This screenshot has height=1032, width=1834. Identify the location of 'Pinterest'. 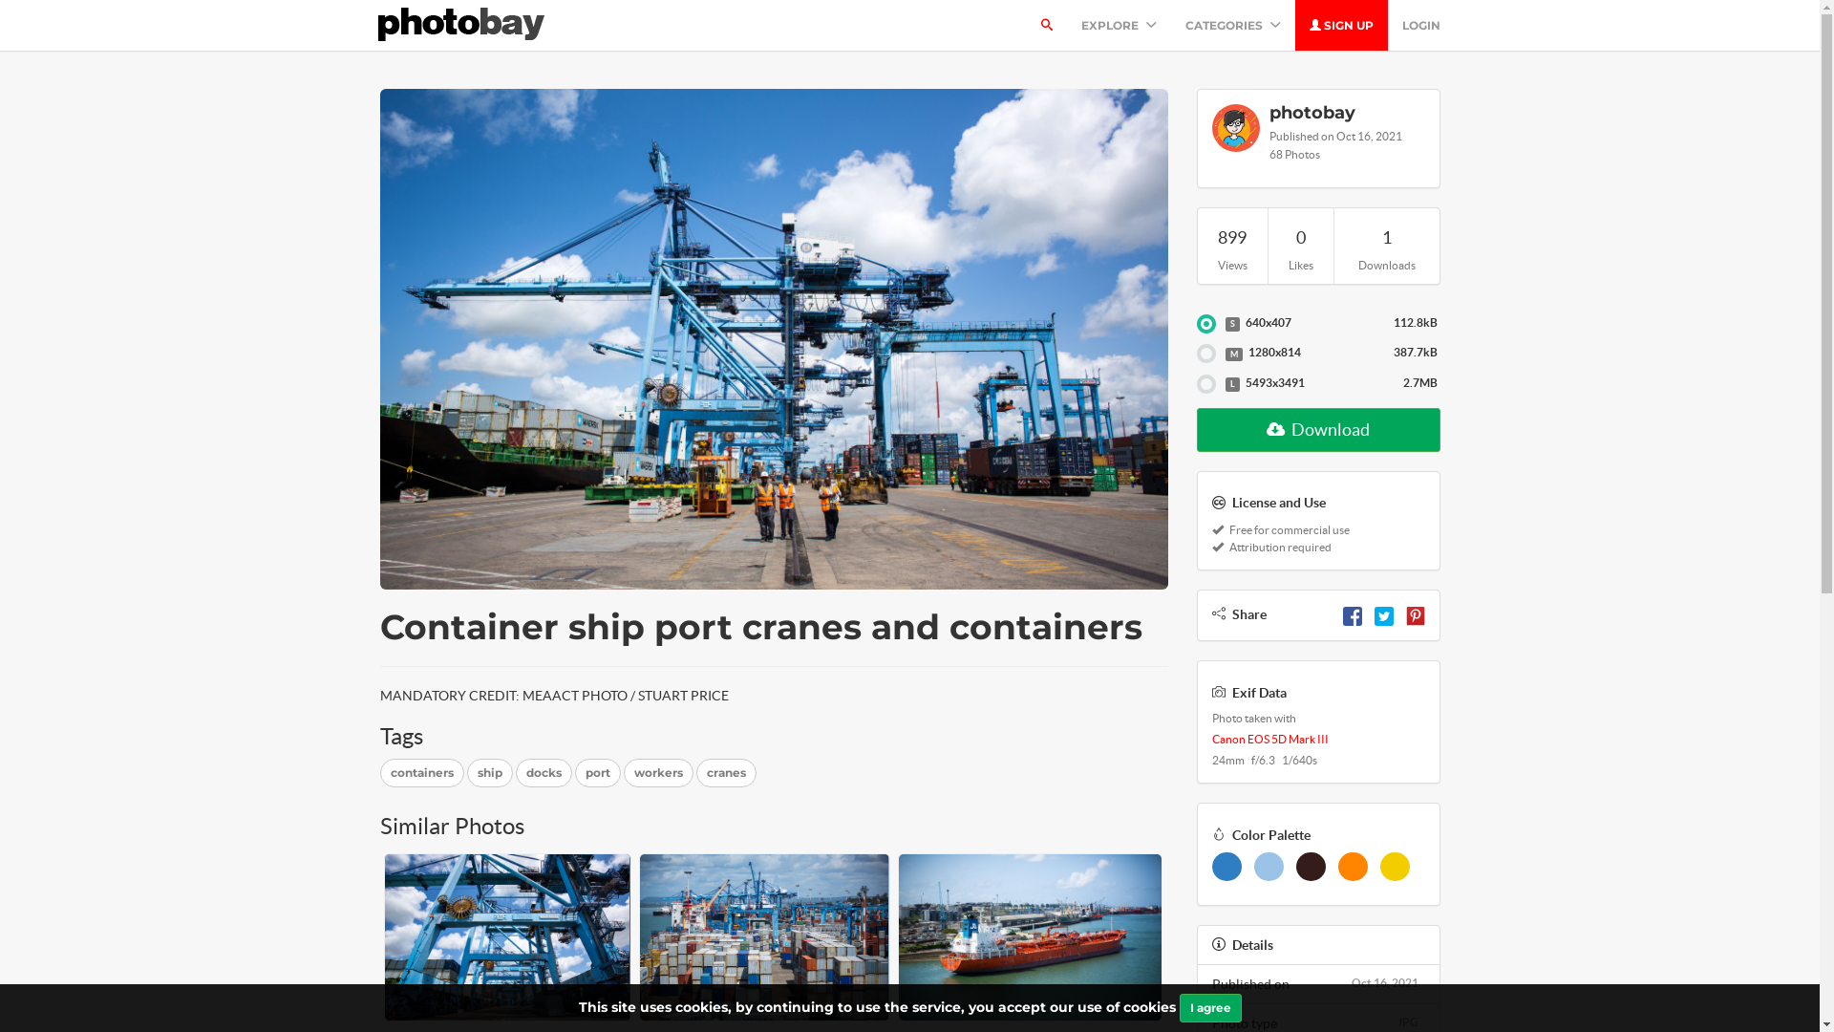
(1416, 614).